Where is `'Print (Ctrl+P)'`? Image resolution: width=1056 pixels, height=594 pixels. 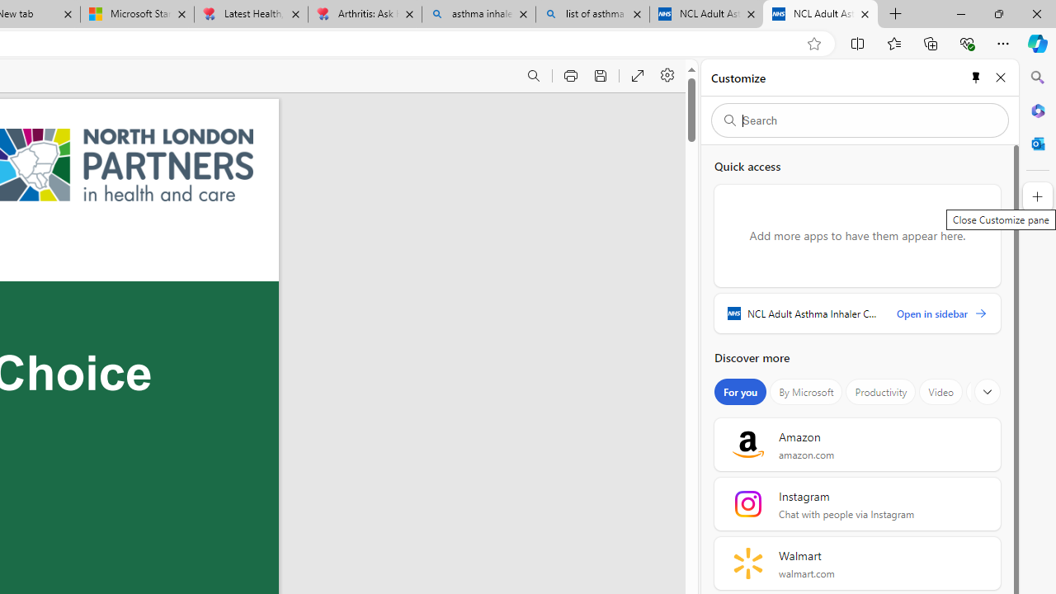
'Print (Ctrl+P)' is located at coordinates (571, 76).